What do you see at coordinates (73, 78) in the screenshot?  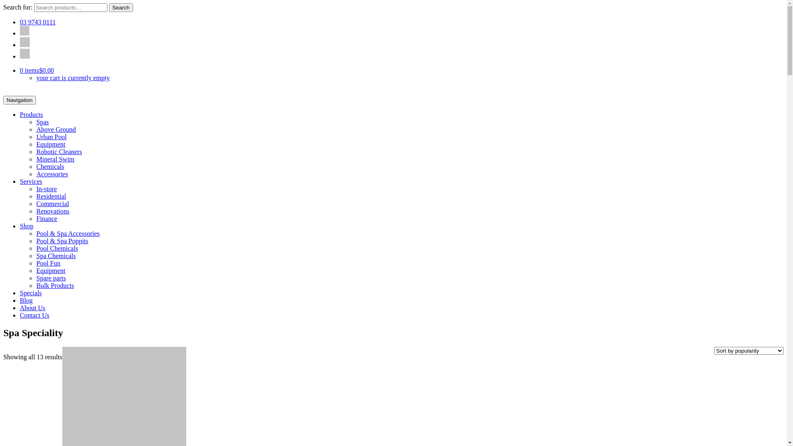 I see `'your cart is currently empty'` at bounding box center [73, 78].